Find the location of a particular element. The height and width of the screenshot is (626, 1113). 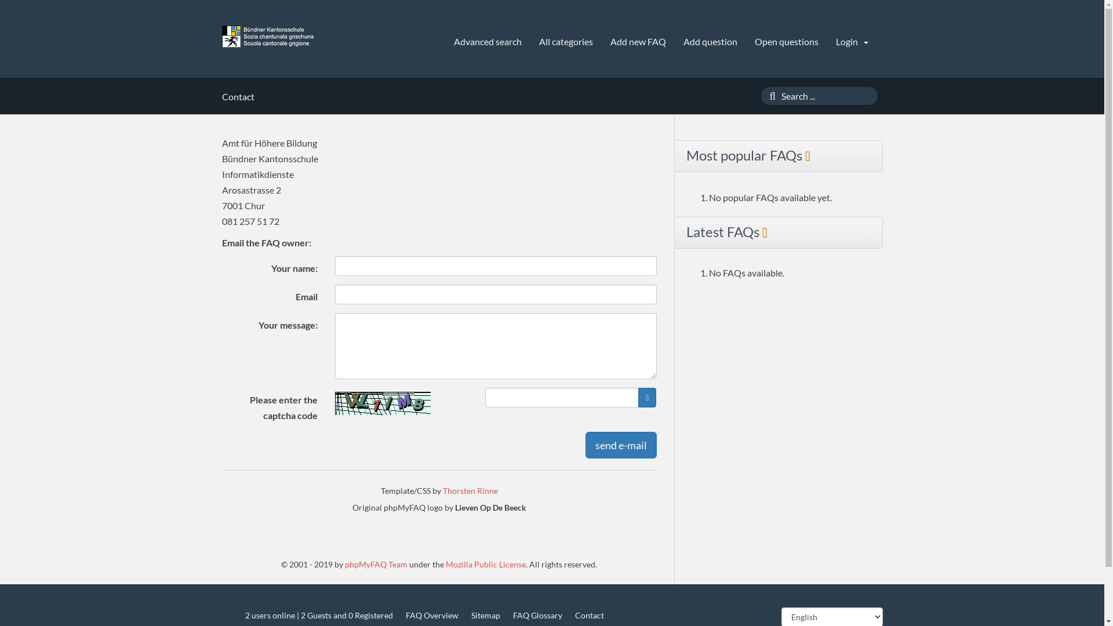

'phpMyFAQ Team' is located at coordinates (376, 564).